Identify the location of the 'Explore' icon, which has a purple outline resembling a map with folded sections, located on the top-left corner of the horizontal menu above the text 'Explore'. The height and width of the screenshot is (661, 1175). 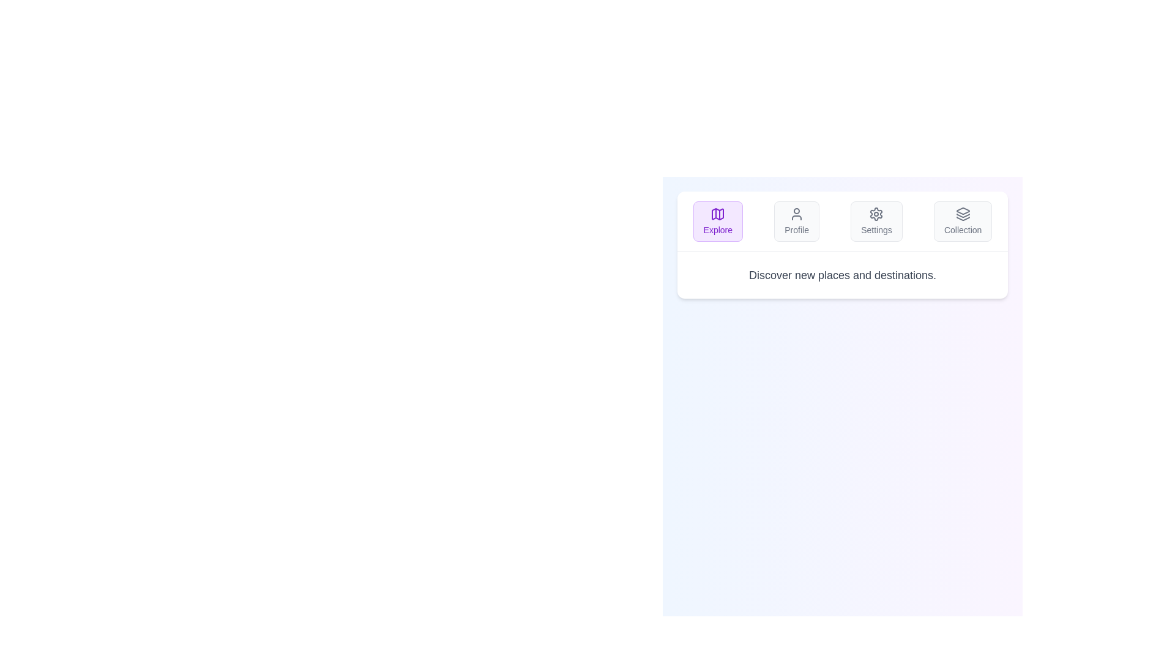
(718, 214).